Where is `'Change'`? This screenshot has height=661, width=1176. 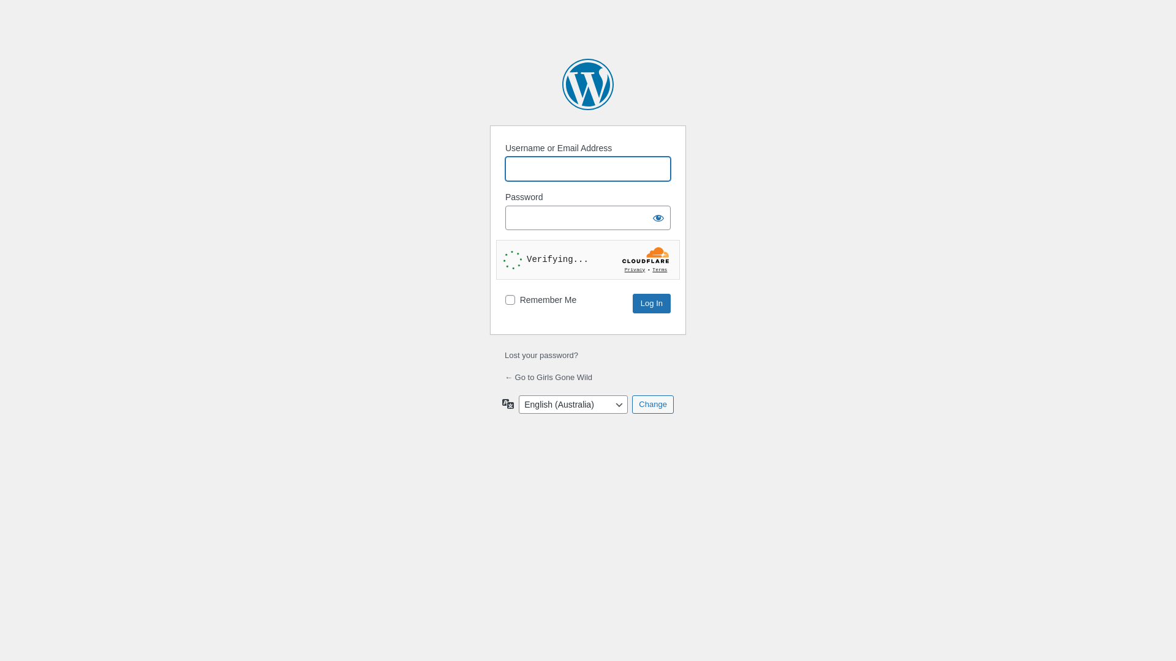 'Change' is located at coordinates (632, 404).